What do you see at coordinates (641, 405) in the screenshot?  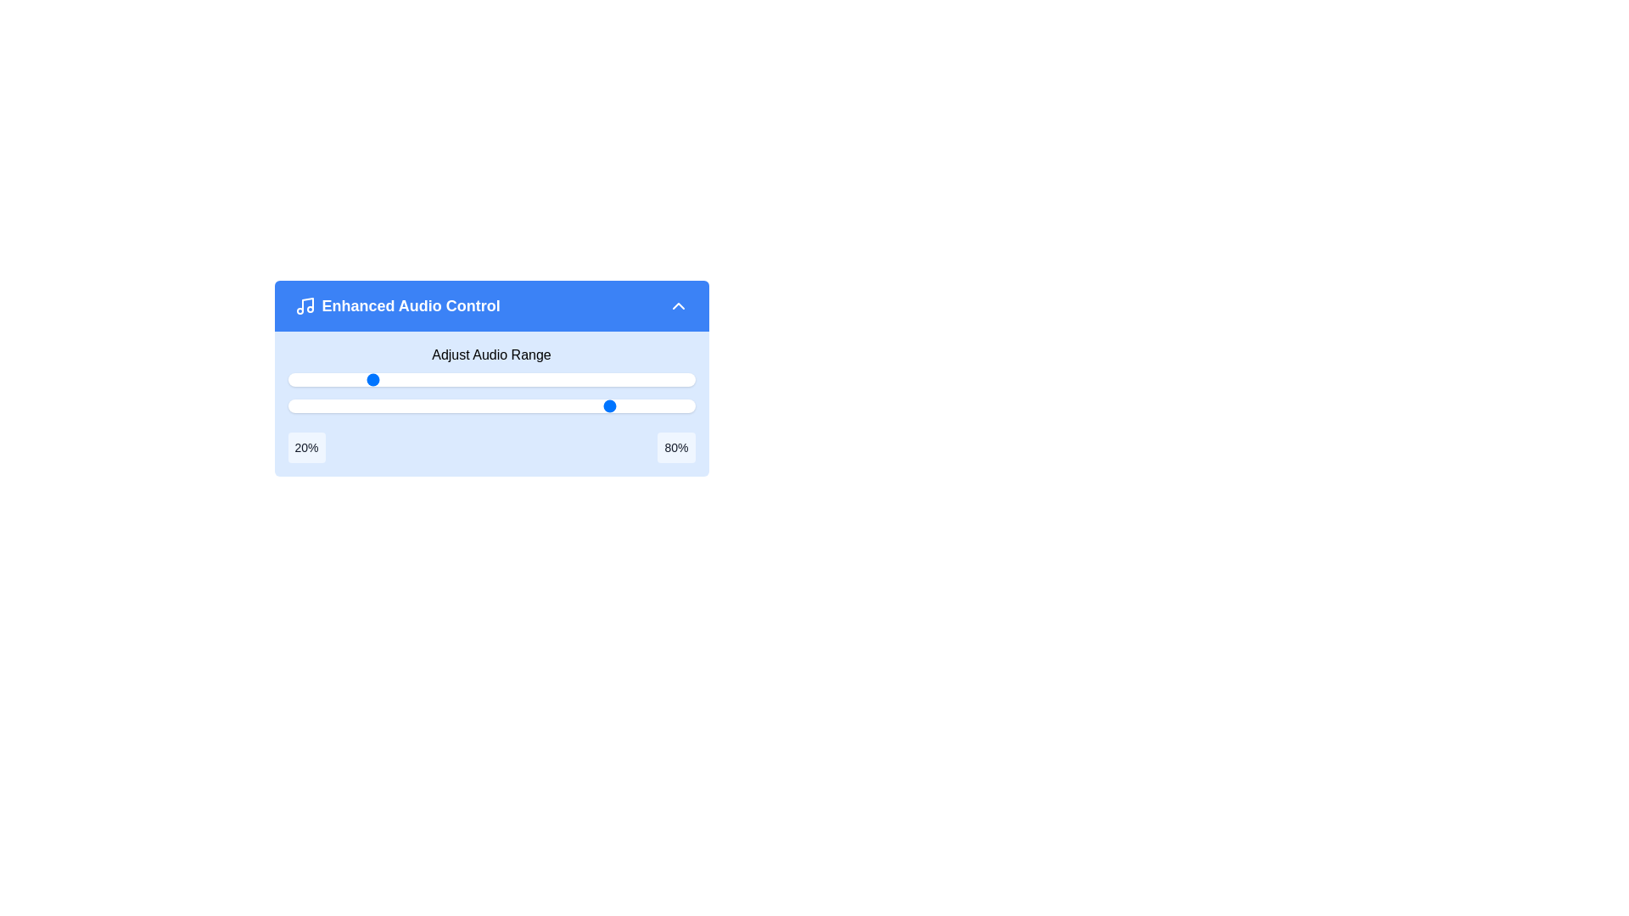 I see `the slider` at bounding box center [641, 405].